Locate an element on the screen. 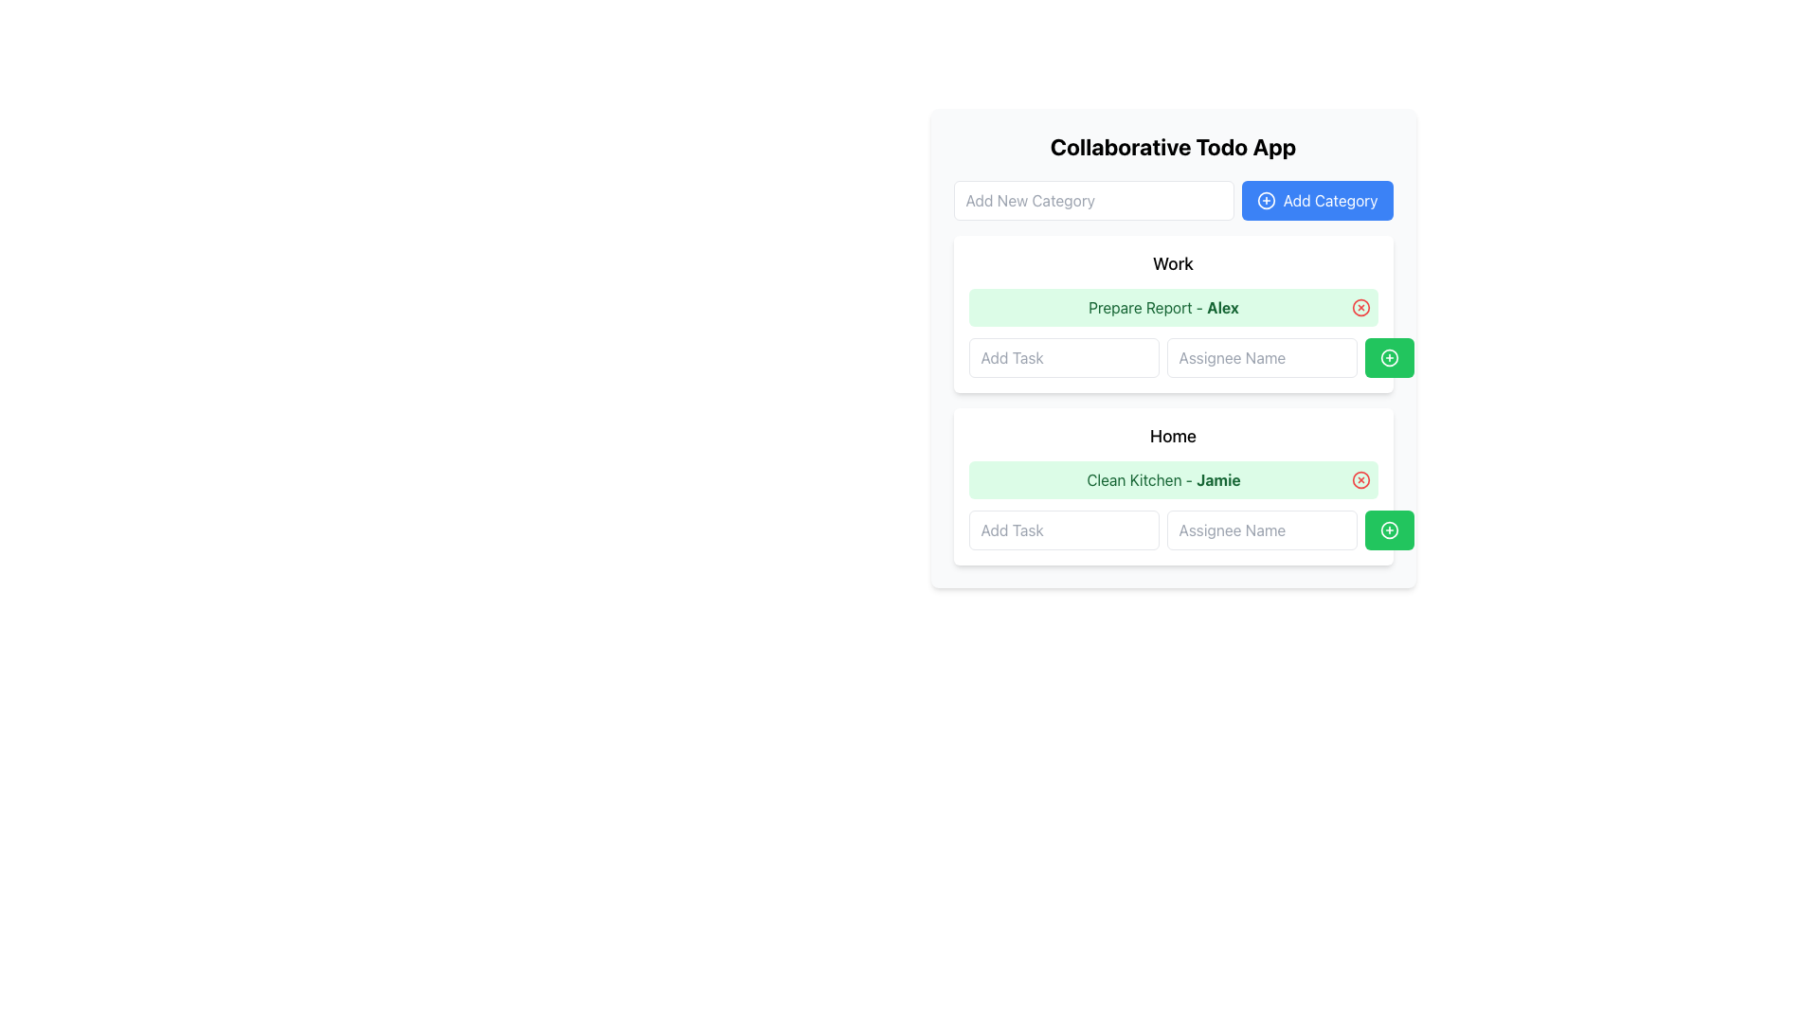  the contents of the upper Card element in the 'Collaborative Todo App' section, which displays the task title and associated assignee is located at coordinates (1172, 313).